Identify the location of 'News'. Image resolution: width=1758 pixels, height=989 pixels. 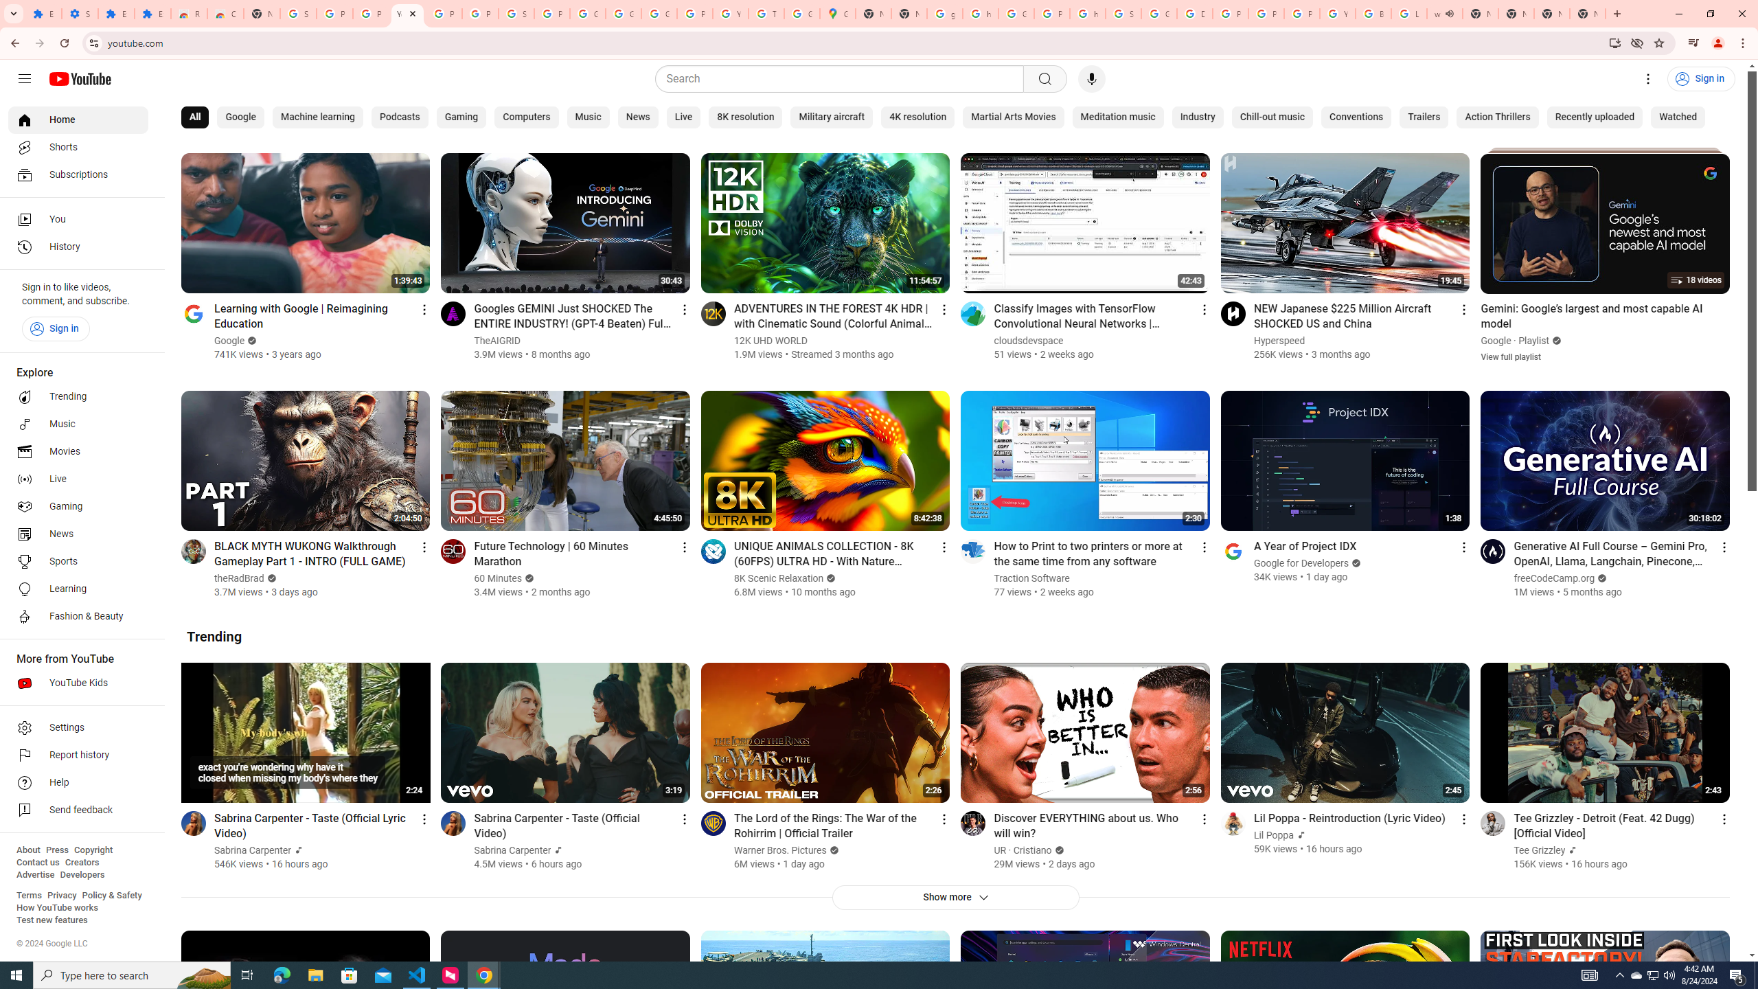
(638, 117).